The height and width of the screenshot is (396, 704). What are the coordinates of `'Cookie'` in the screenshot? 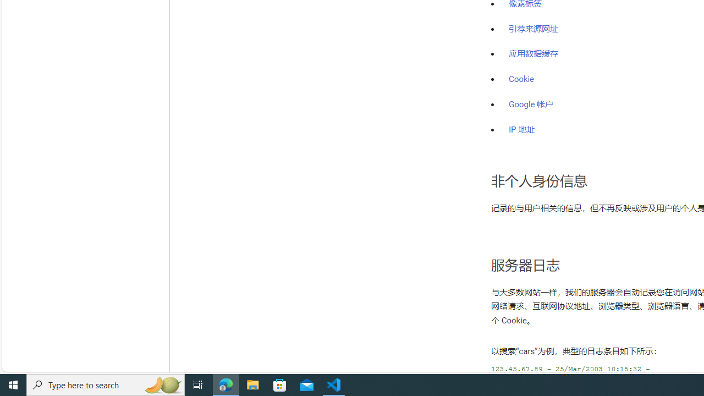 It's located at (521, 79).